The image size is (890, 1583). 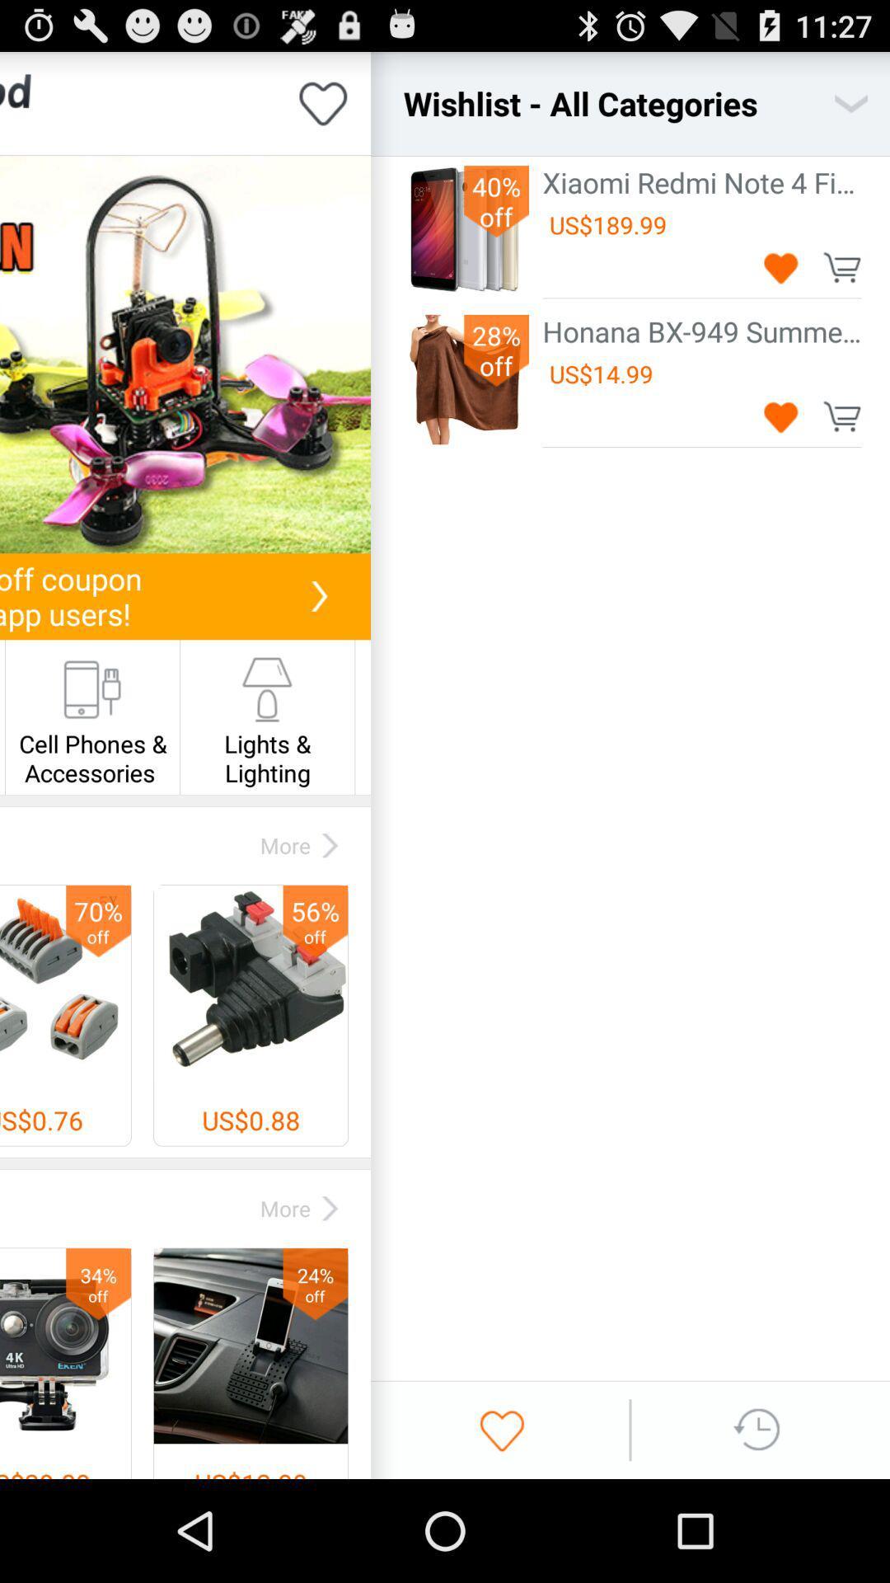 What do you see at coordinates (758, 1429) in the screenshot?
I see `reset time` at bounding box center [758, 1429].